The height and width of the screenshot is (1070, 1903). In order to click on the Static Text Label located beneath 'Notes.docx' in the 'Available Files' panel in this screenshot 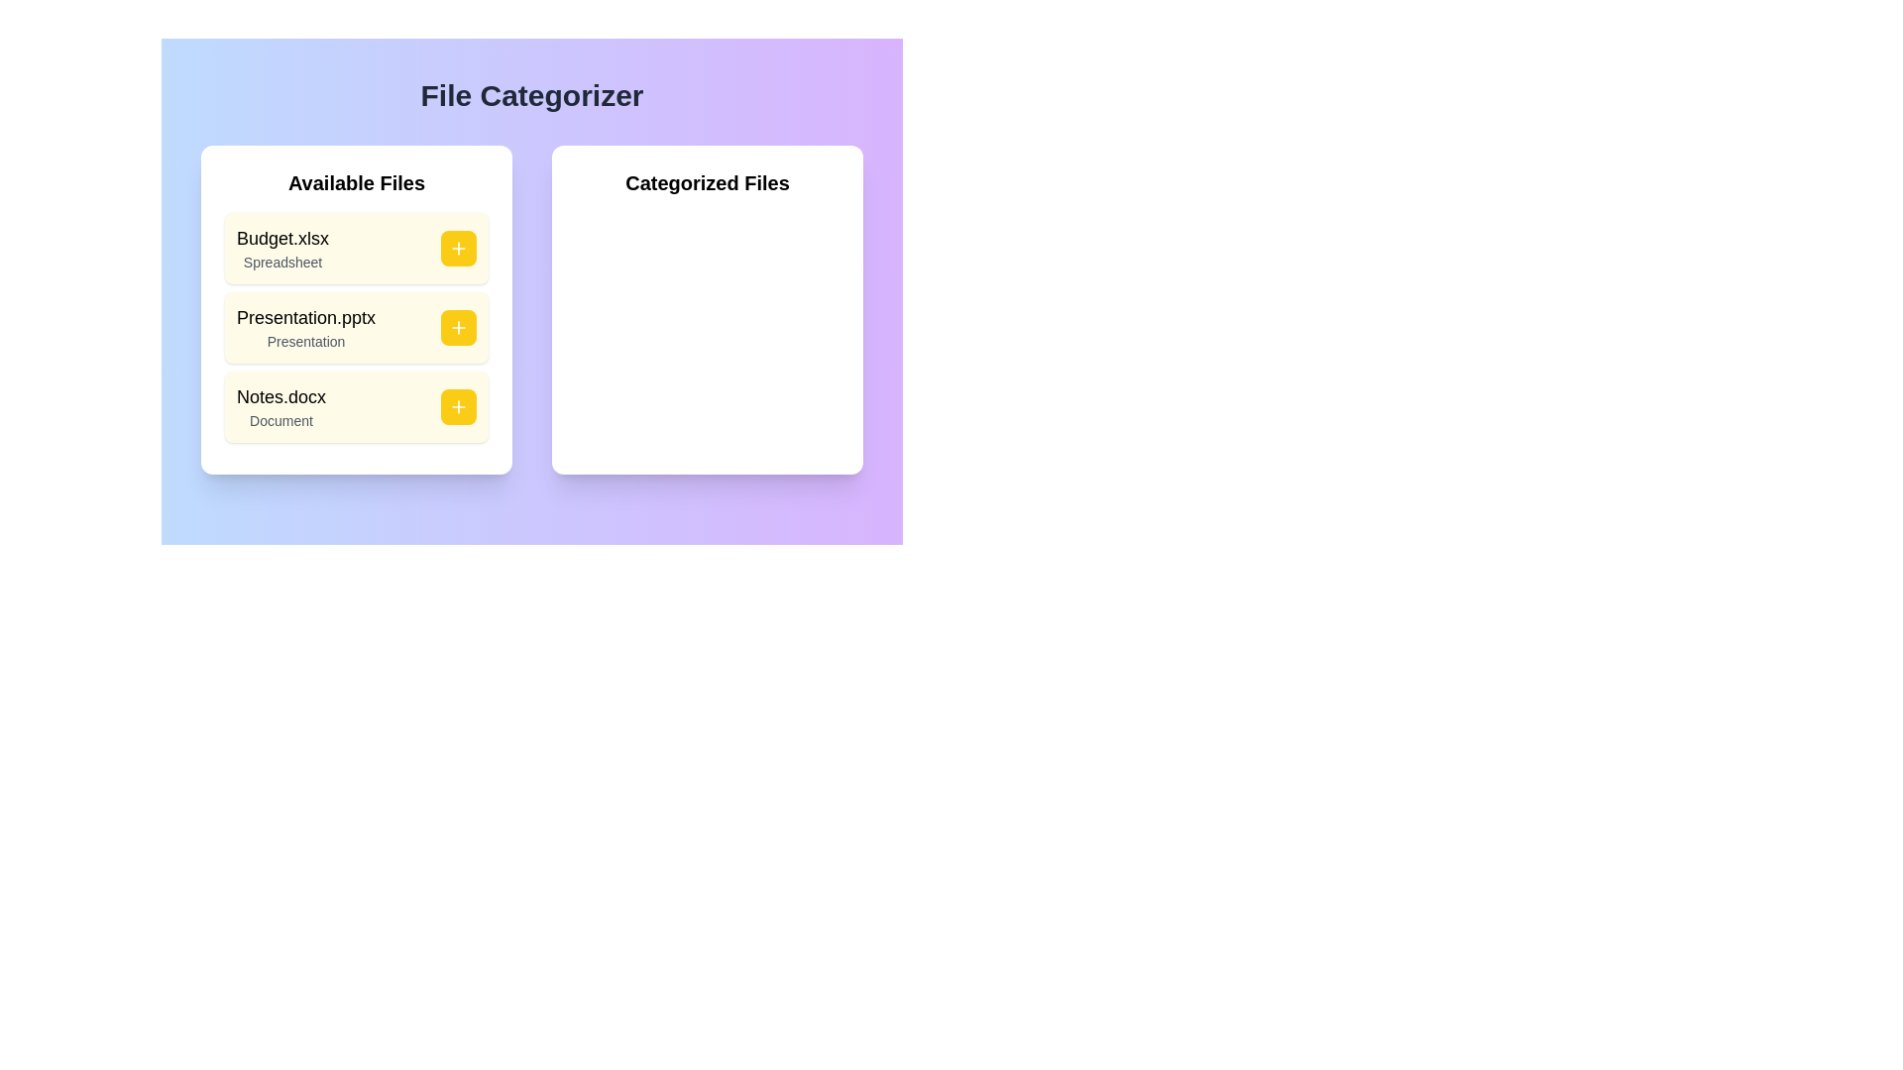, I will do `click(280, 419)`.